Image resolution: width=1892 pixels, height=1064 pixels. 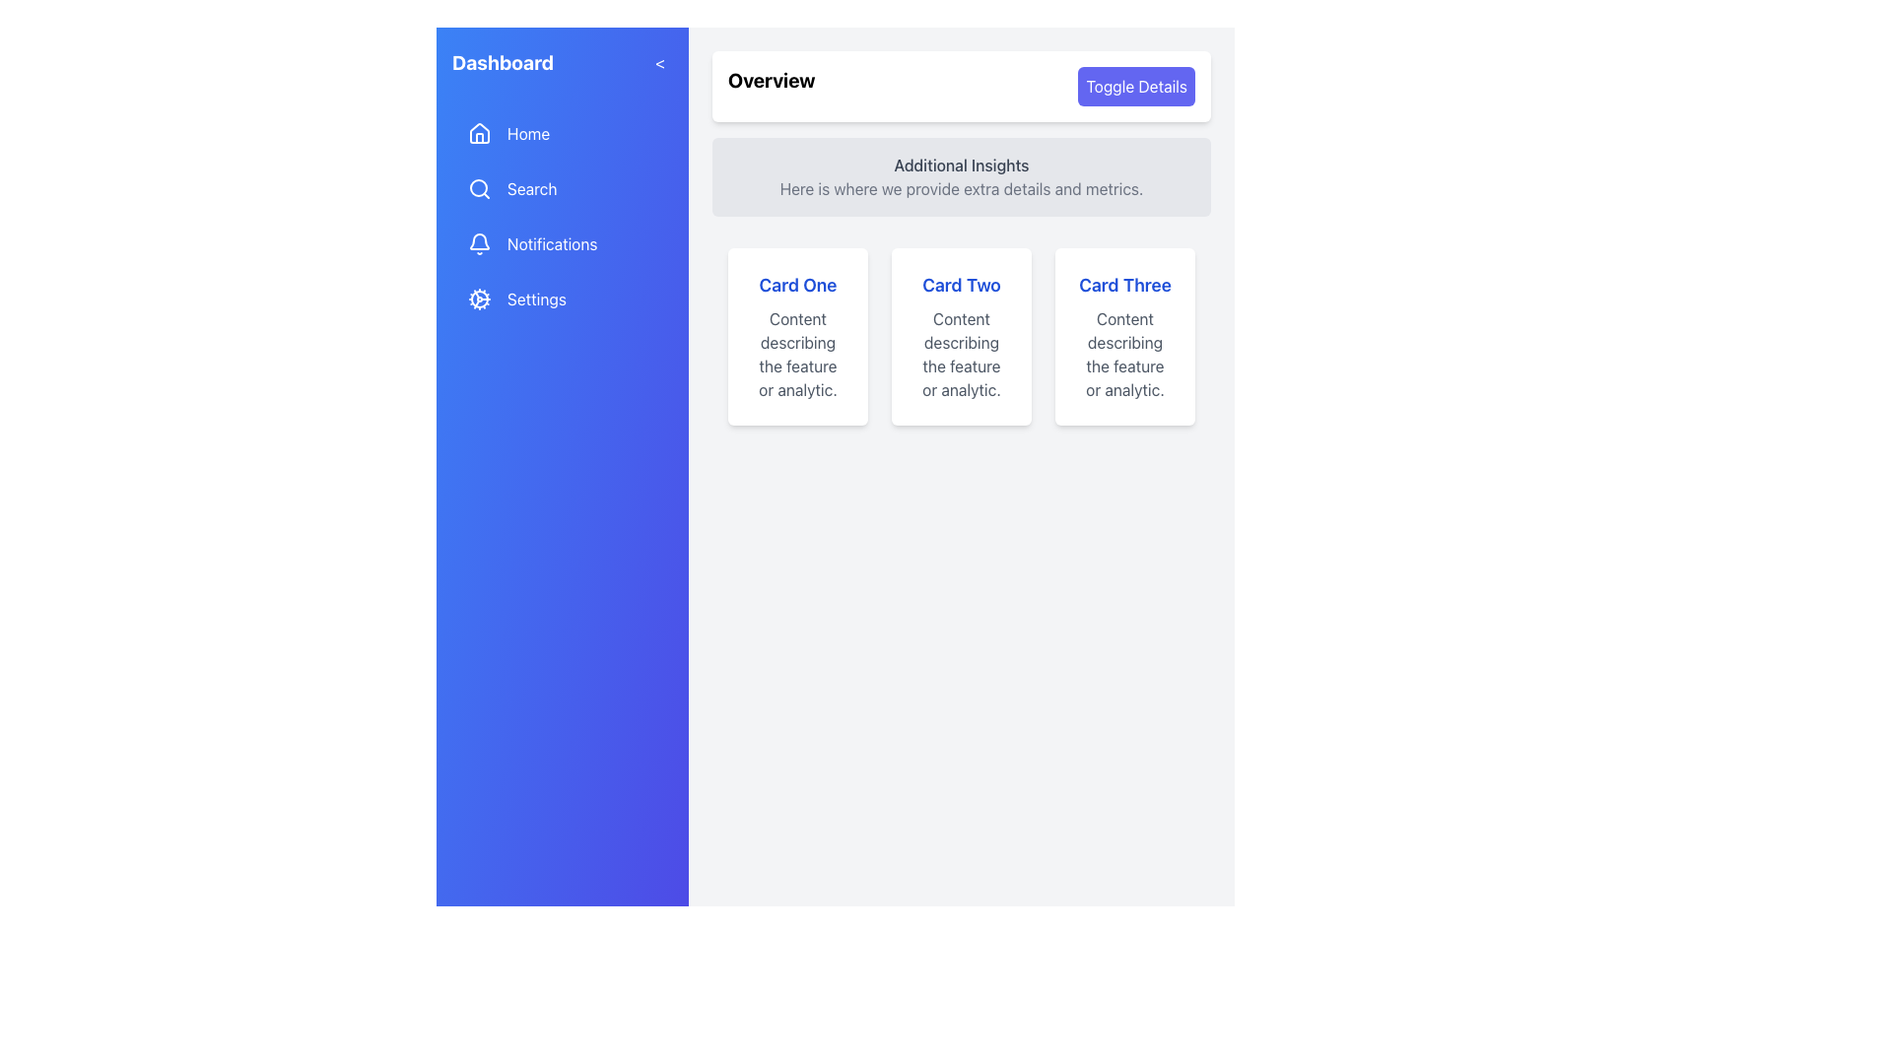 I want to click on the 'Search' menu item in the Vertical Navigation Menu, so click(x=562, y=216).